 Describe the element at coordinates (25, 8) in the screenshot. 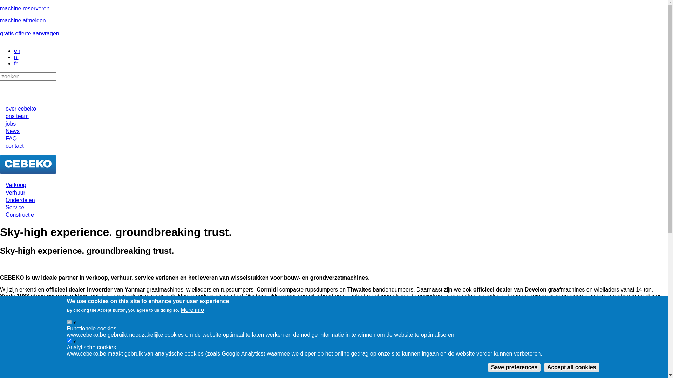

I see `'machine reserveren'` at that location.